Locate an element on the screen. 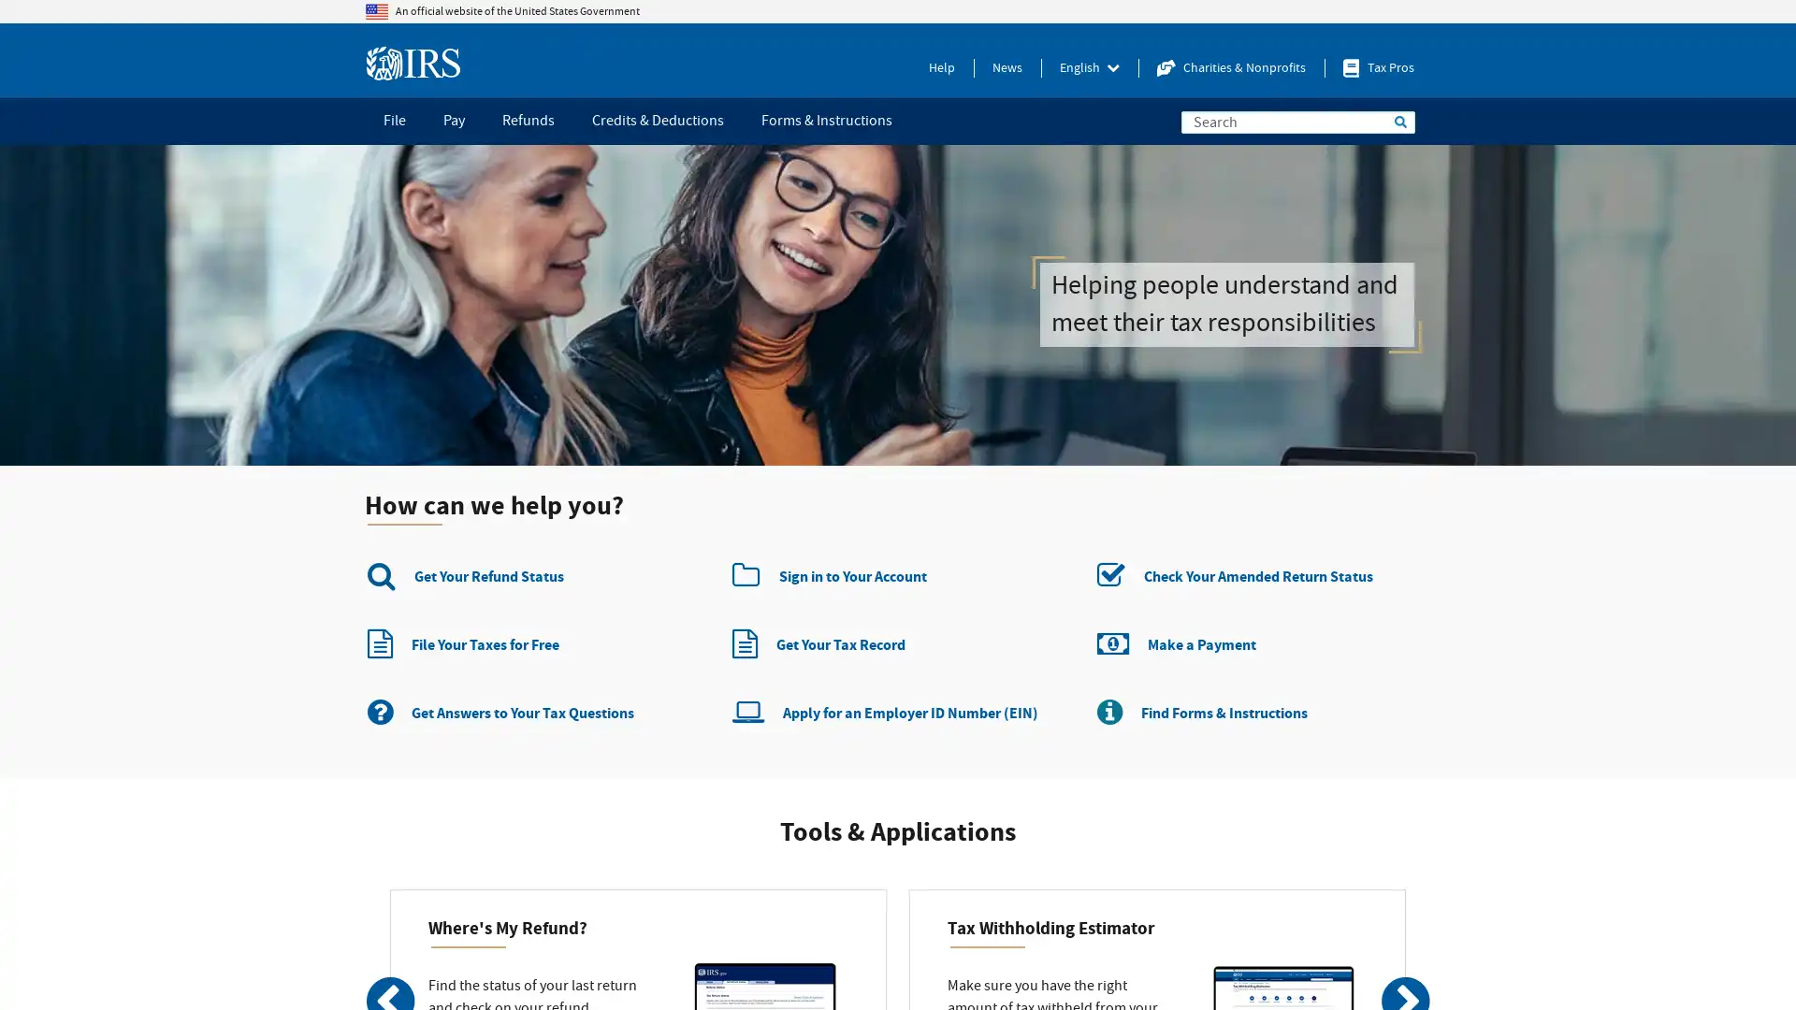 Image resolution: width=1796 pixels, height=1010 pixels. Press enter to activate the menu, then navigate with the tab key. is located at coordinates (1090, 67).